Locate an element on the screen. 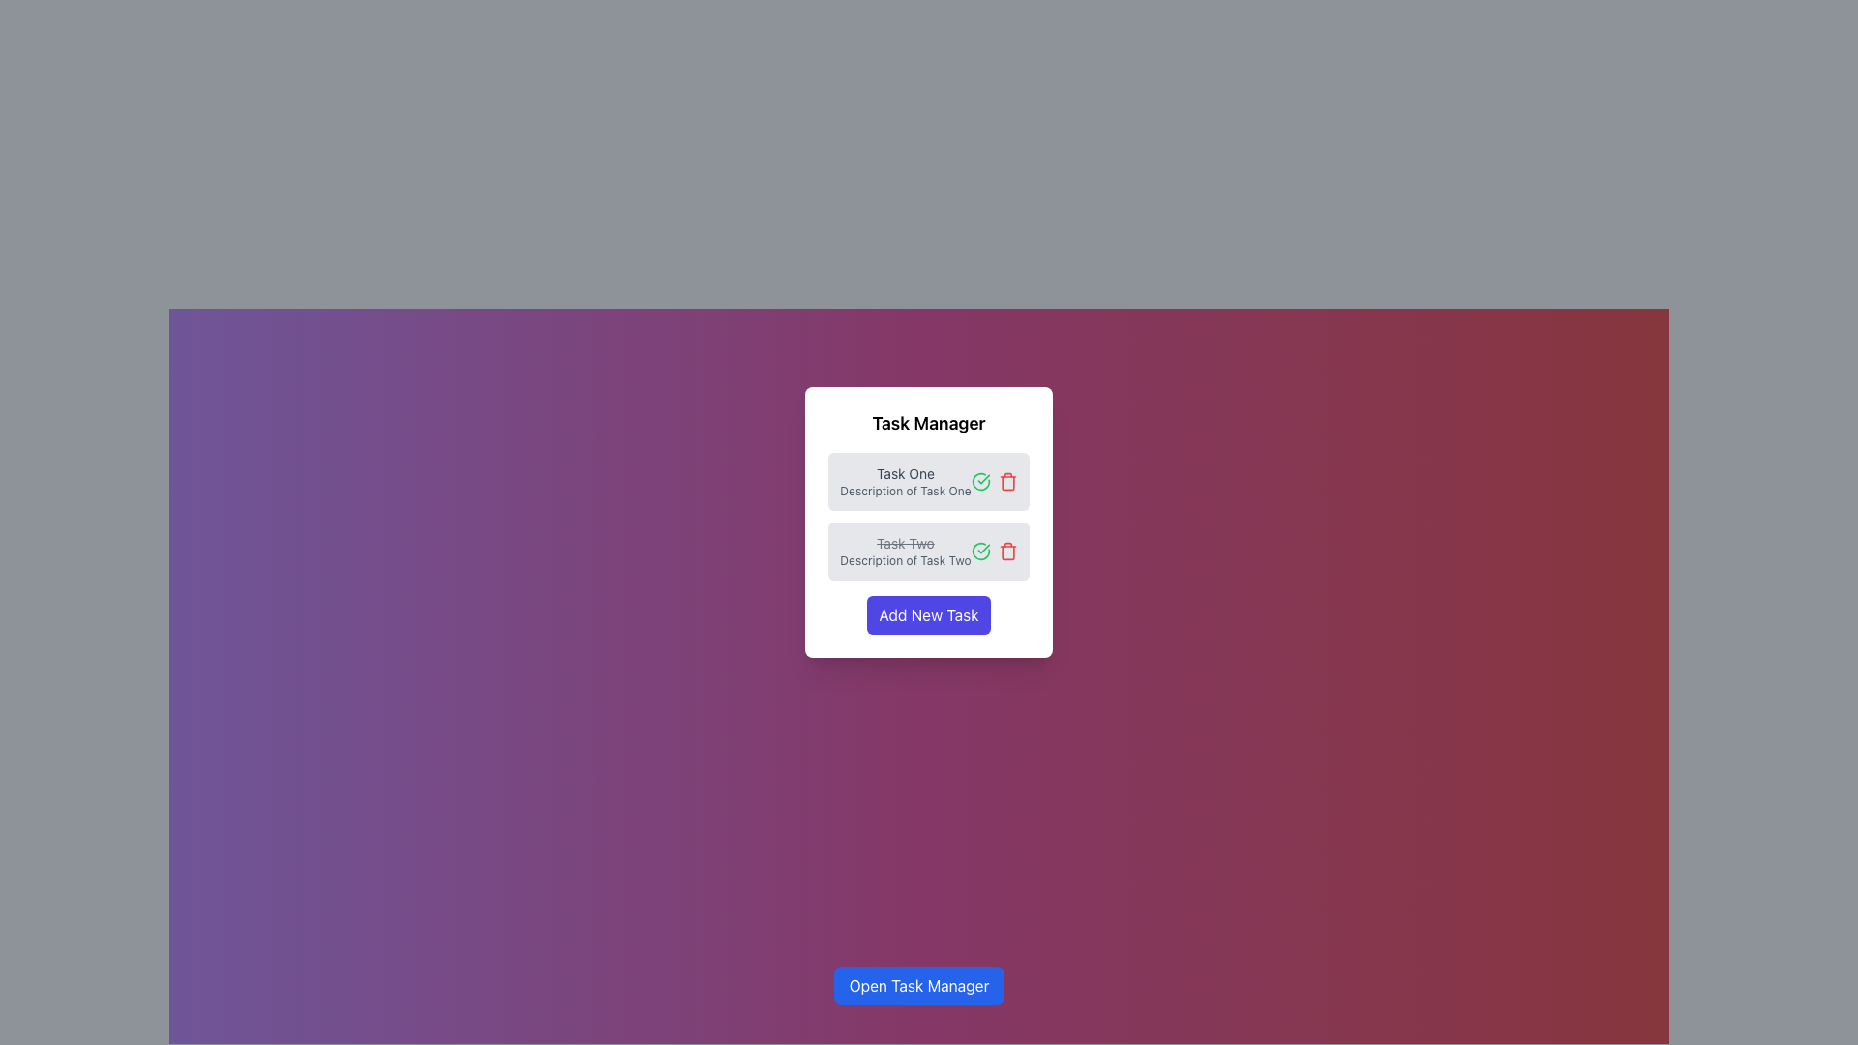 The width and height of the screenshot is (1858, 1045). the static text label that serves as the heading of the modal window, which is positioned at the top and centered above the task entries is located at coordinates (929, 423).